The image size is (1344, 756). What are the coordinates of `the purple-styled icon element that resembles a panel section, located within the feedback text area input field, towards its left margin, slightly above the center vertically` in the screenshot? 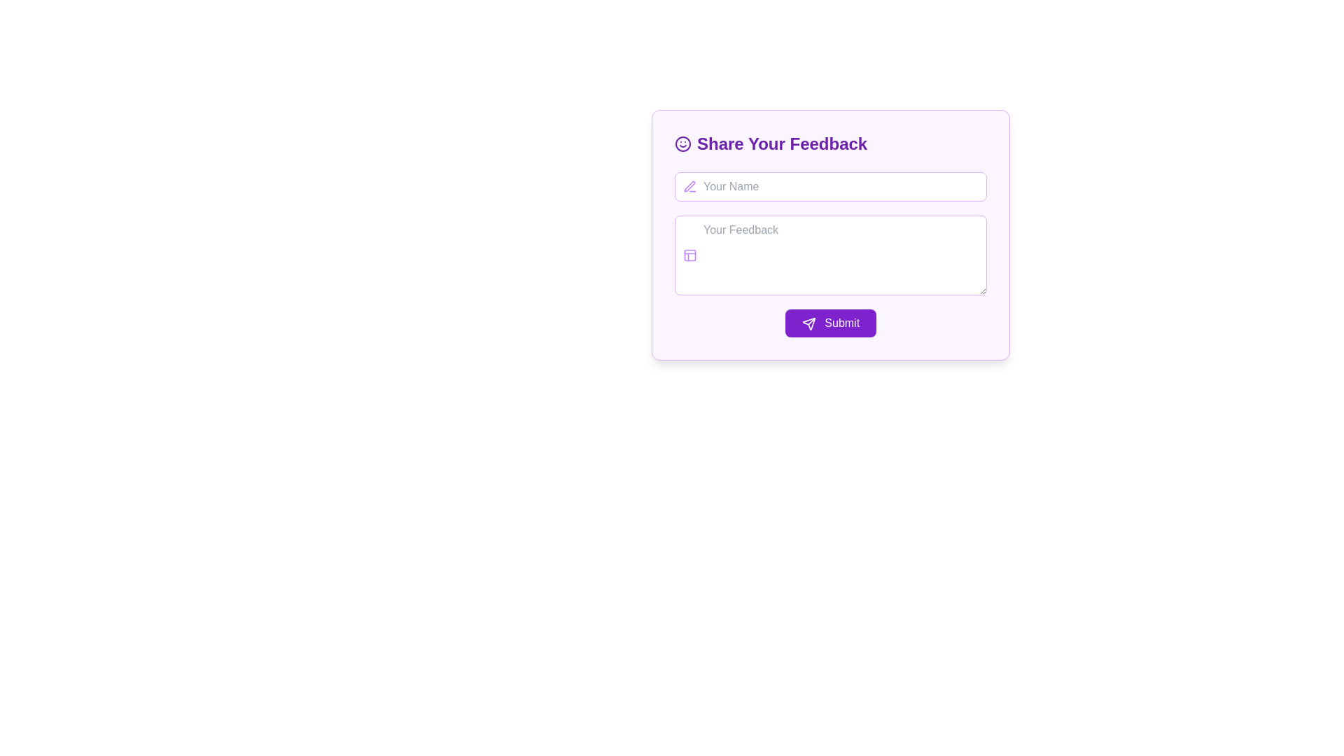 It's located at (689, 255).